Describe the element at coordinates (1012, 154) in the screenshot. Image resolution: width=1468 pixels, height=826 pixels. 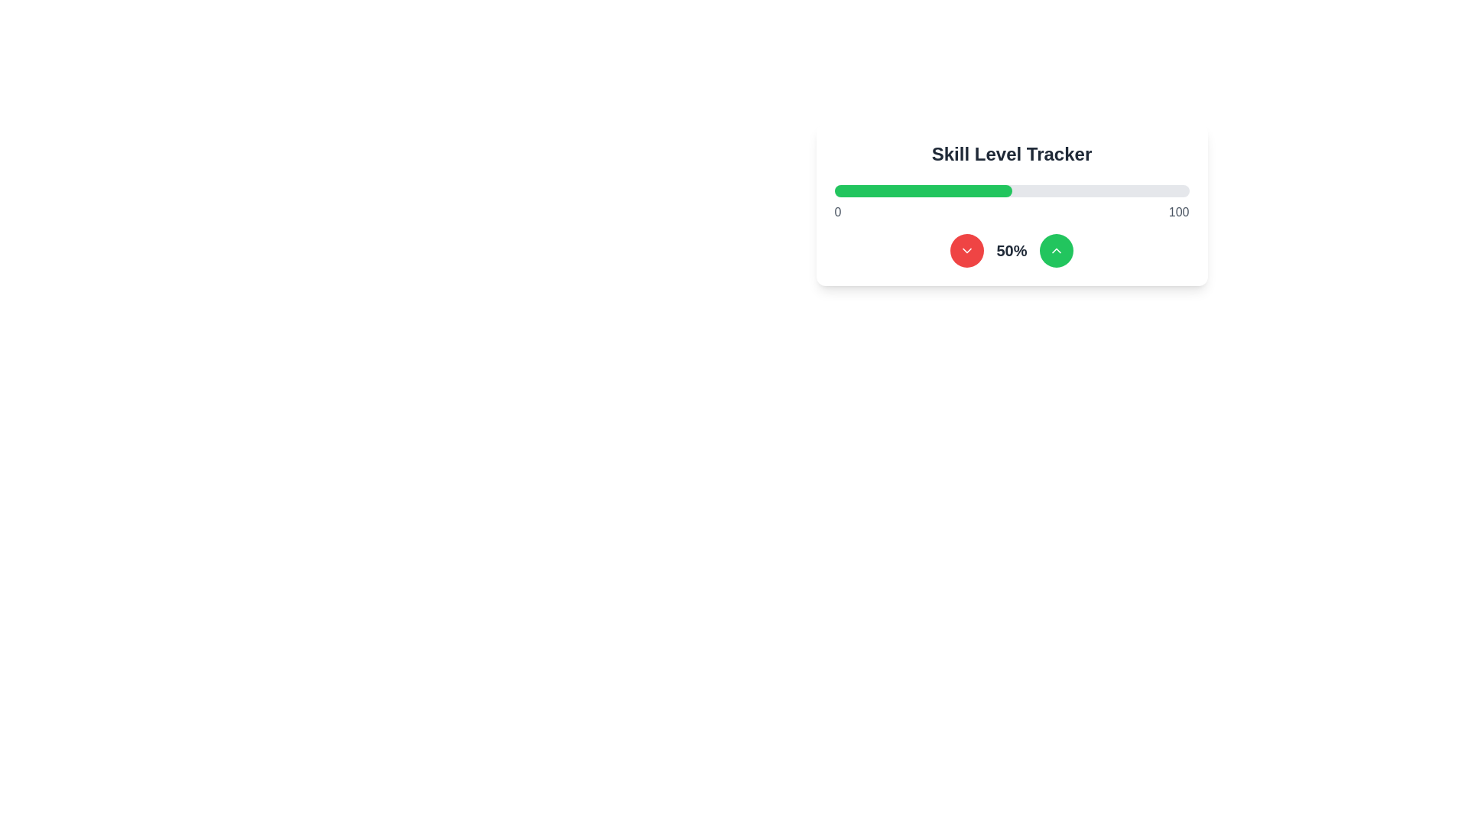
I see `static text element functioning as the title for the 'Skill Level Tracker', which is positioned at the top of a card with a white background` at that location.